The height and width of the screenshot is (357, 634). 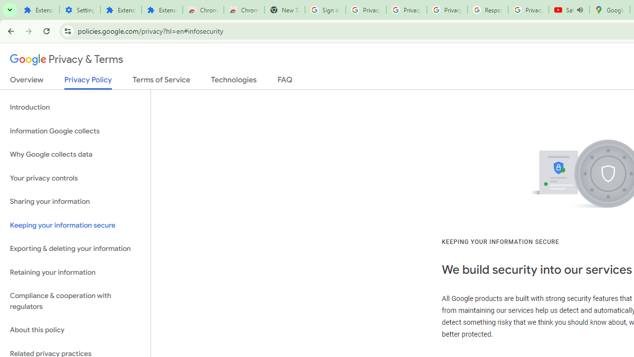 What do you see at coordinates (580, 10) in the screenshot?
I see `'Mute tab'` at bounding box center [580, 10].